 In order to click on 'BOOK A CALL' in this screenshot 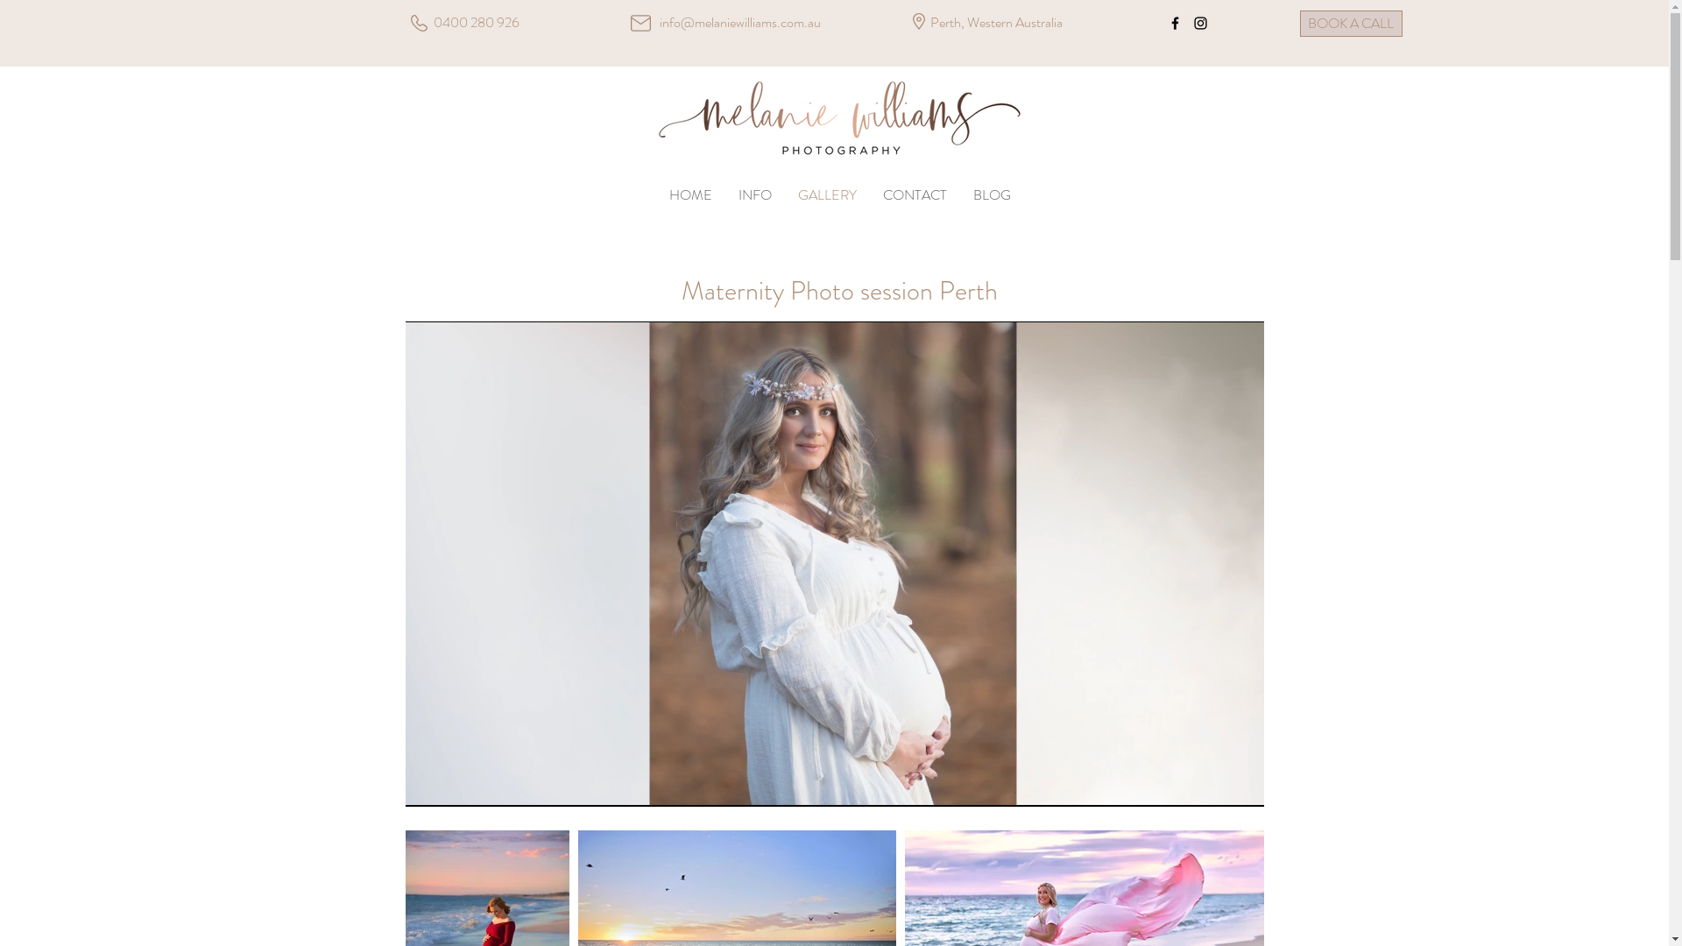, I will do `click(1299, 24)`.